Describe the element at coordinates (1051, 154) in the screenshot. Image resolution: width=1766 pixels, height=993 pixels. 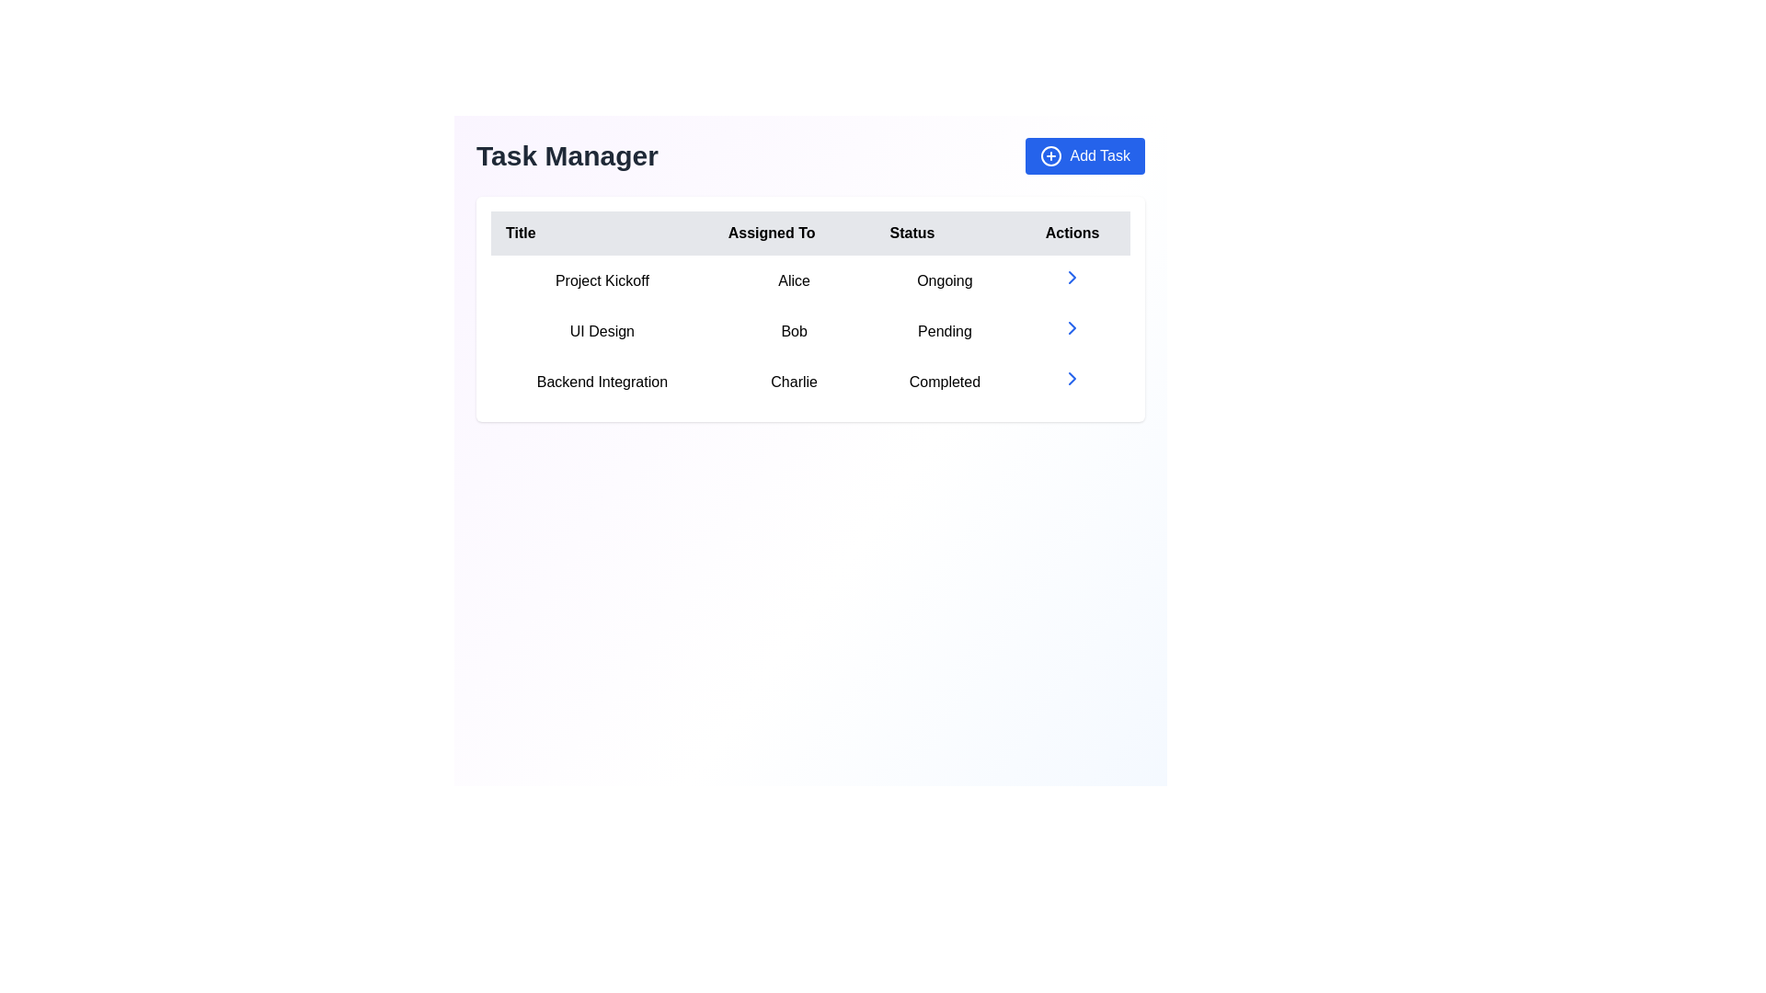
I see `the circular plus icon within the 'Add Task' button located at the top-right corner of the interface` at that location.